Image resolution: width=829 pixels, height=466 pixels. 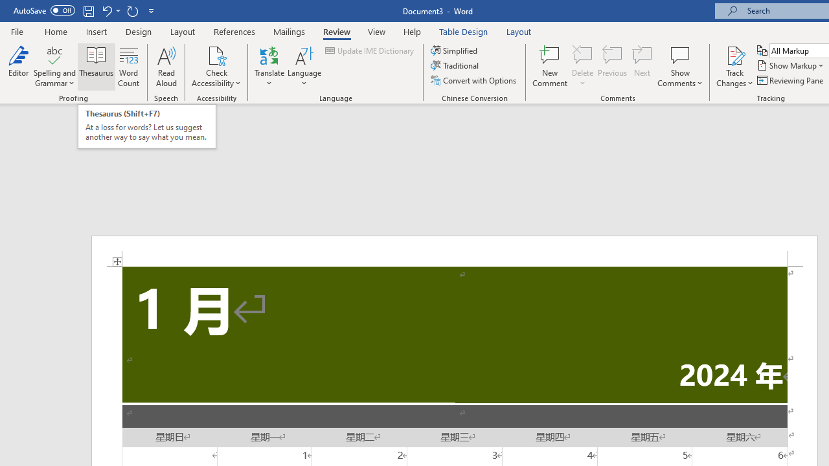 What do you see at coordinates (96, 67) in the screenshot?
I see `'Thesaurus...'` at bounding box center [96, 67].